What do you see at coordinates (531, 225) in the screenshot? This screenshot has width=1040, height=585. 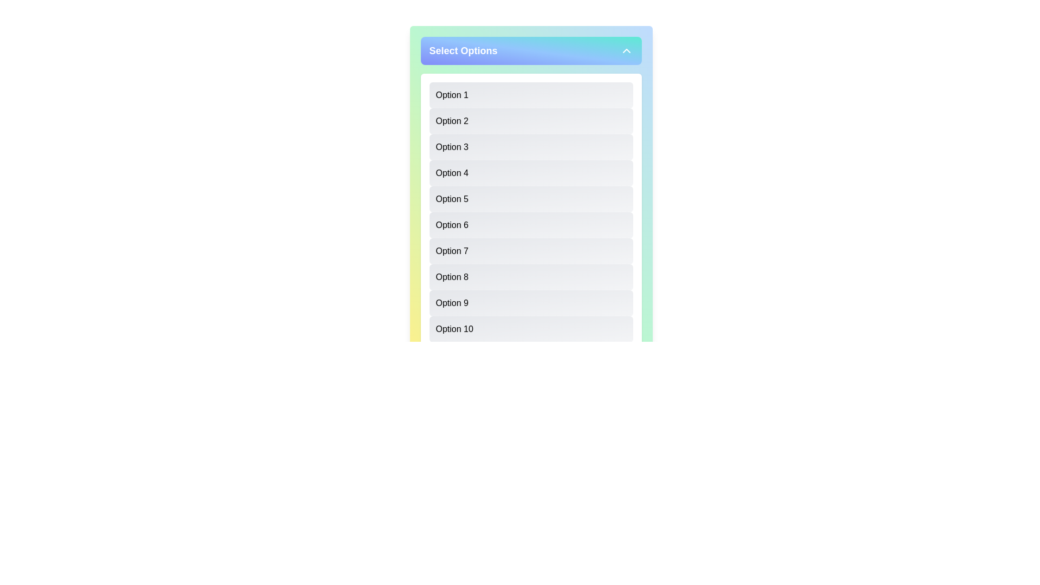 I see `the sixth item in the selectable list titled 'Select Options'` at bounding box center [531, 225].